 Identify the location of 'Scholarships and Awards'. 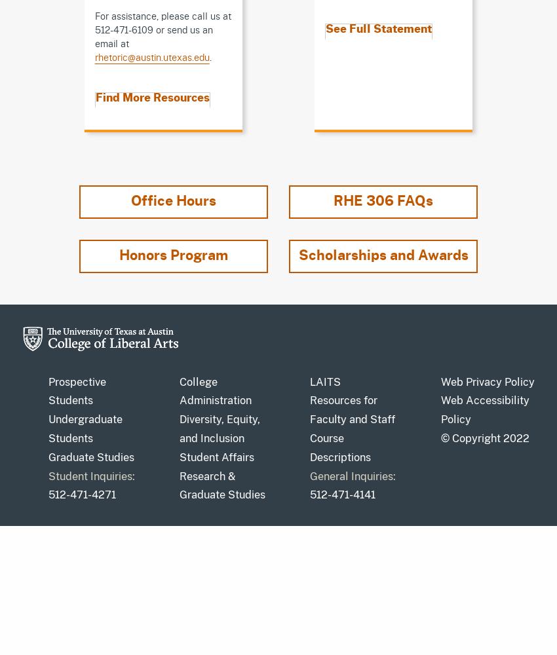
(383, 255).